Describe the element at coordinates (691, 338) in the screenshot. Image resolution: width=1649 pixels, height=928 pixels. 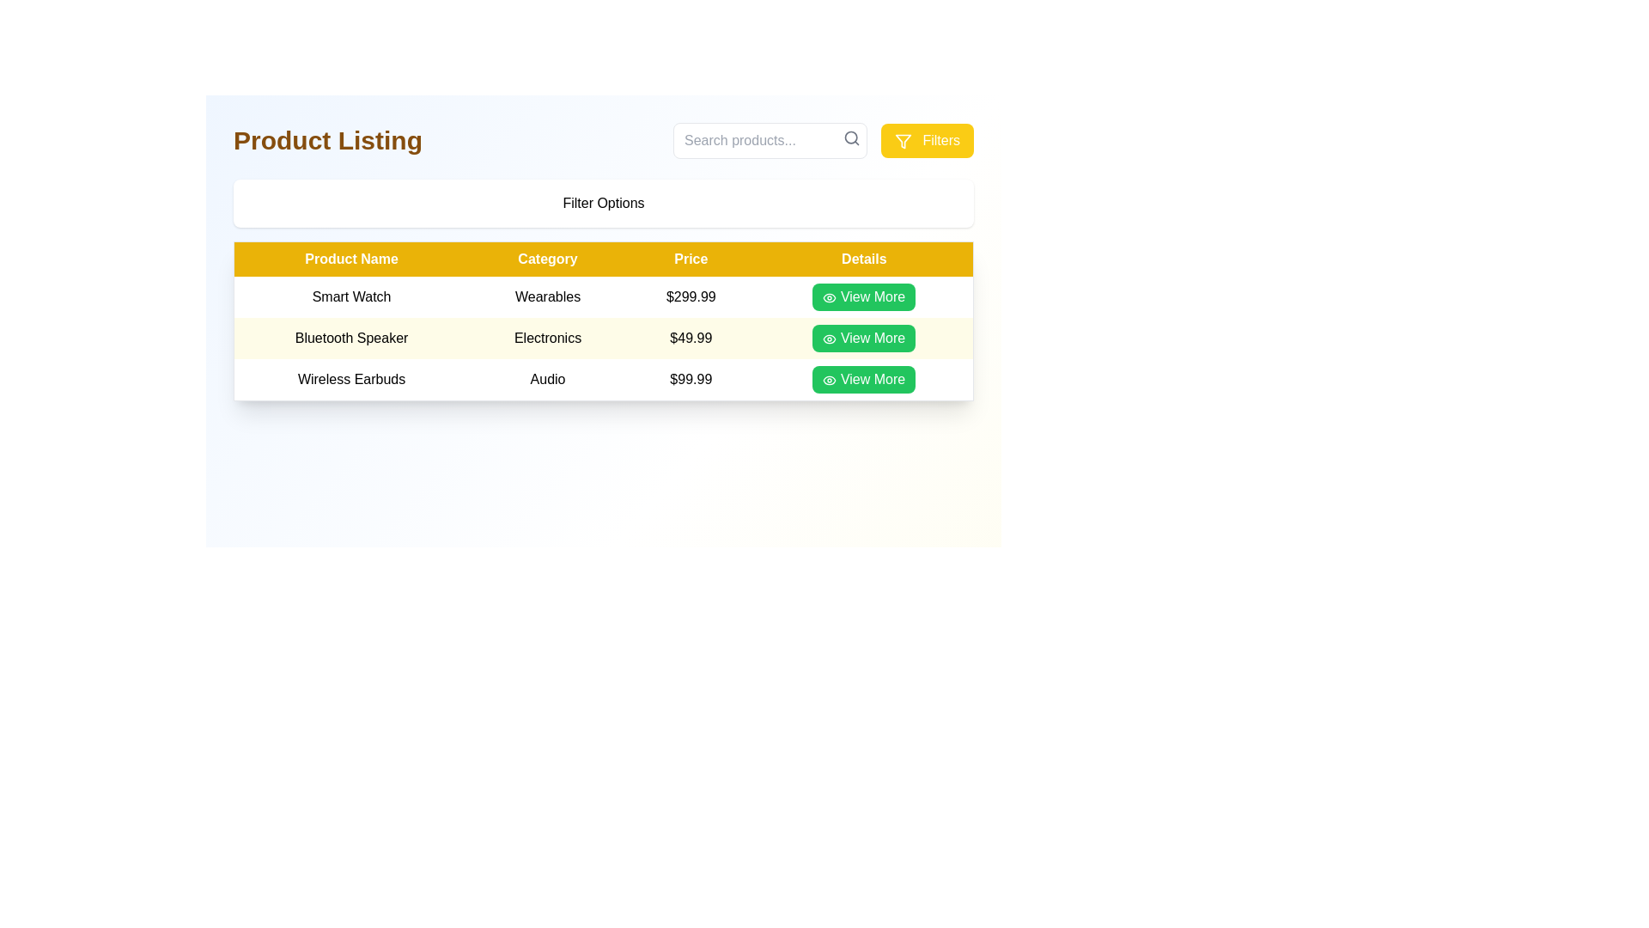
I see `the Table Cell displaying the price '$49.99' in black text on a light yellow background, located in the second row under the 'Price' column aligned with the 'Bluetooth Speaker' product name` at that location.